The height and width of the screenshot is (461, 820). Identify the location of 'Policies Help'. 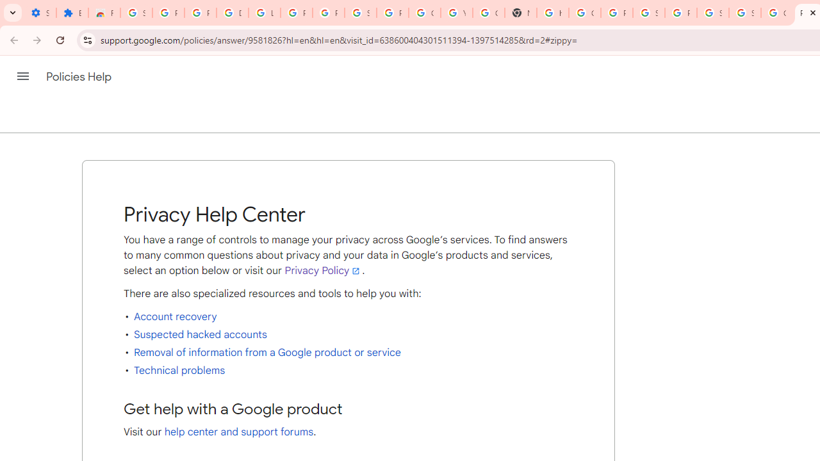
(79, 76).